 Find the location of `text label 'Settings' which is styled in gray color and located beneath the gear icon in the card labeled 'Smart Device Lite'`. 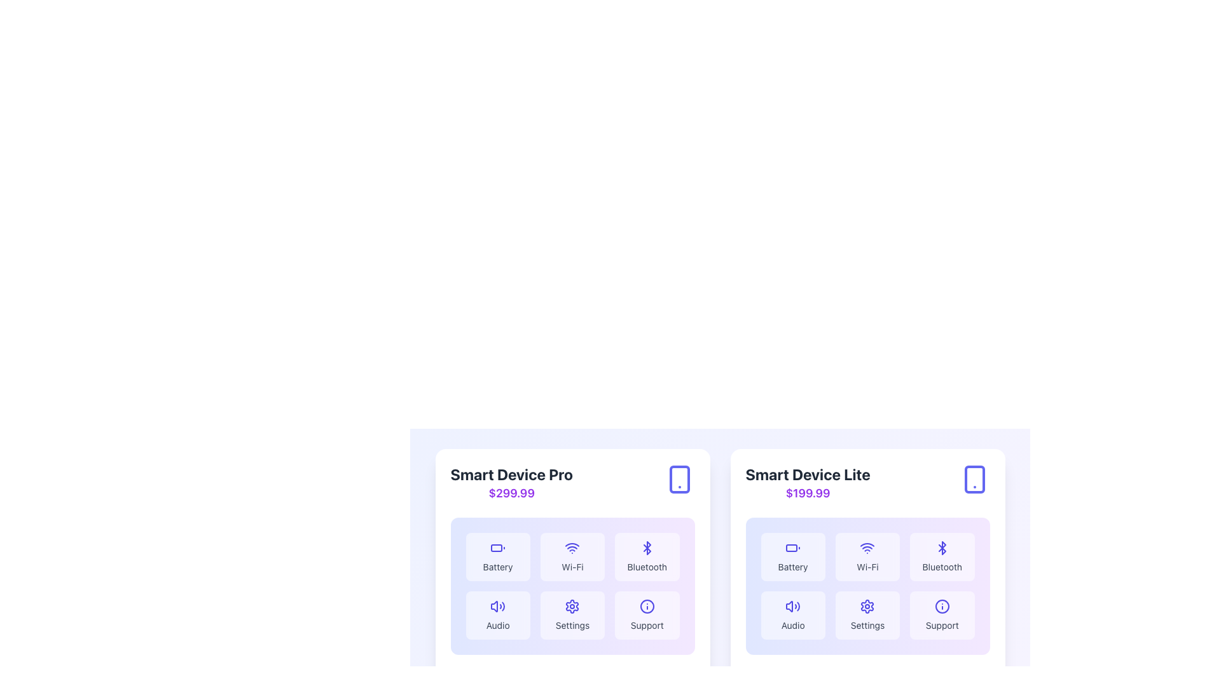

text label 'Settings' which is styled in gray color and located beneath the gear icon in the card labeled 'Smart Device Lite' is located at coordinates (867, 624).